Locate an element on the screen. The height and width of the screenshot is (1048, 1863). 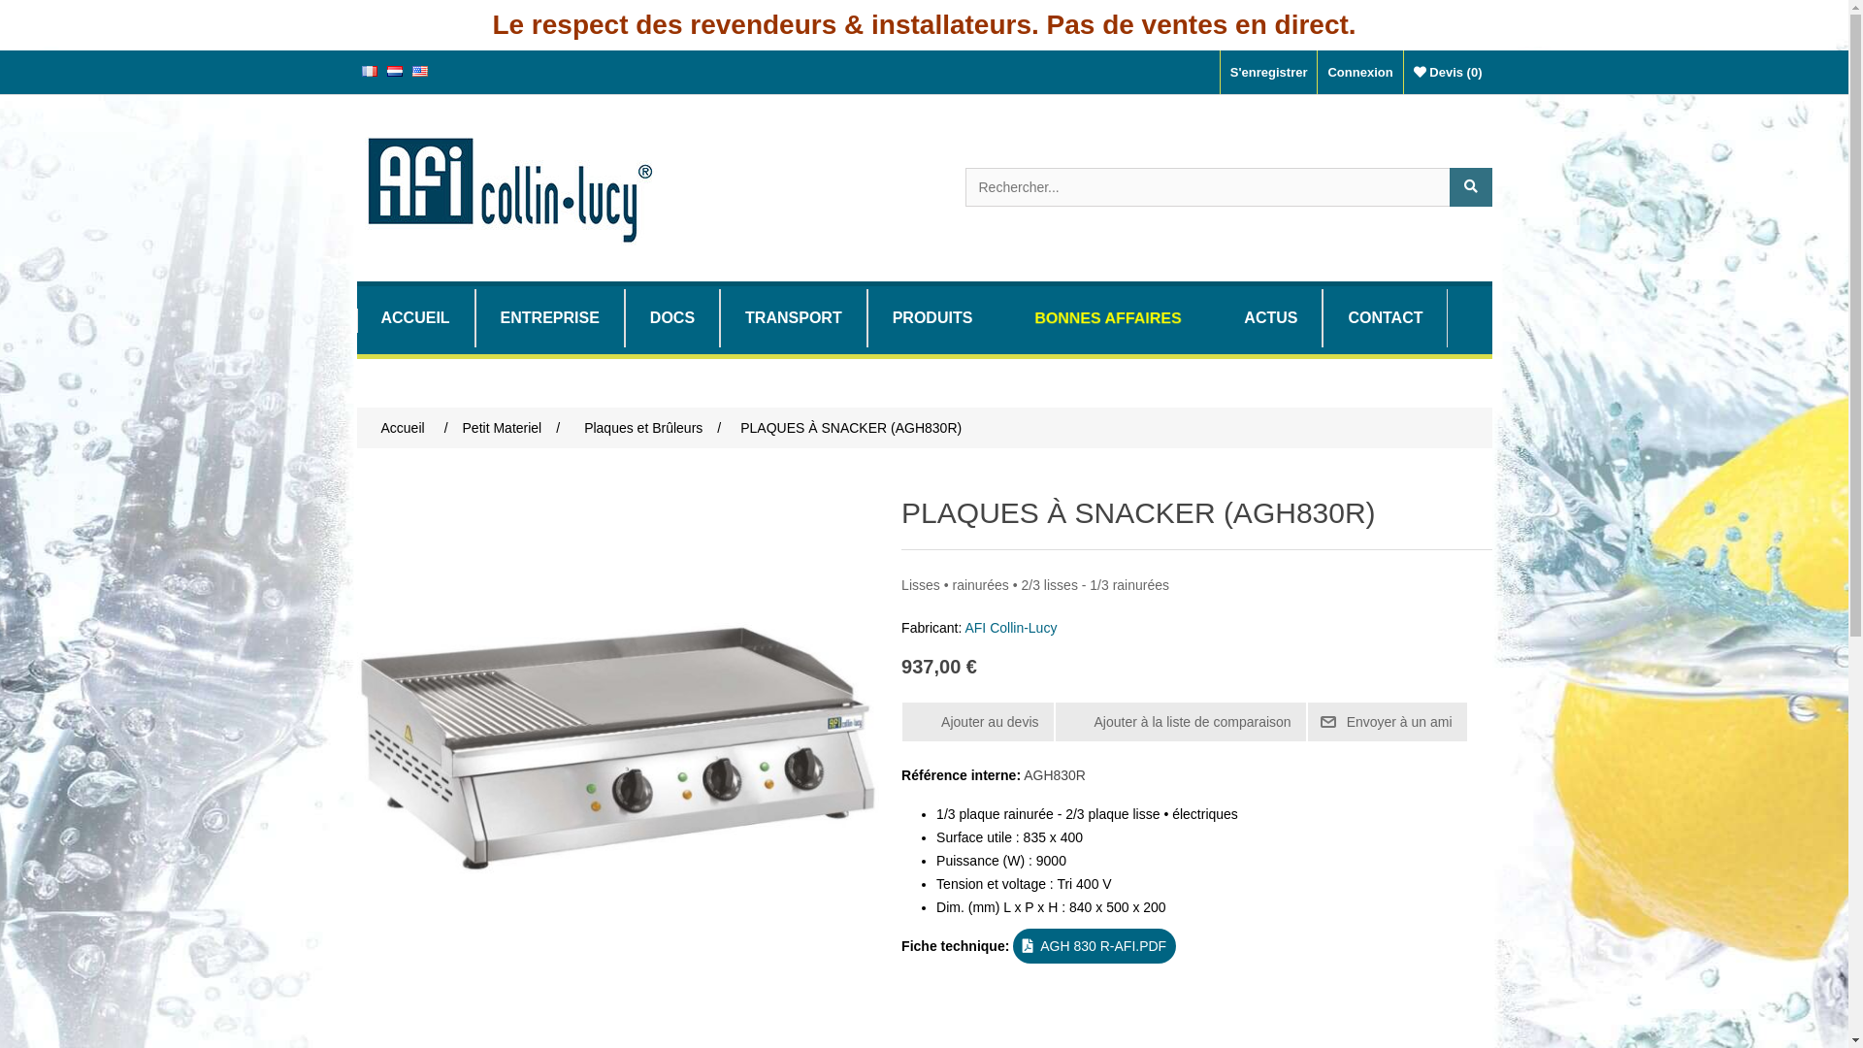
'English' is located at coordinates (409, 70).